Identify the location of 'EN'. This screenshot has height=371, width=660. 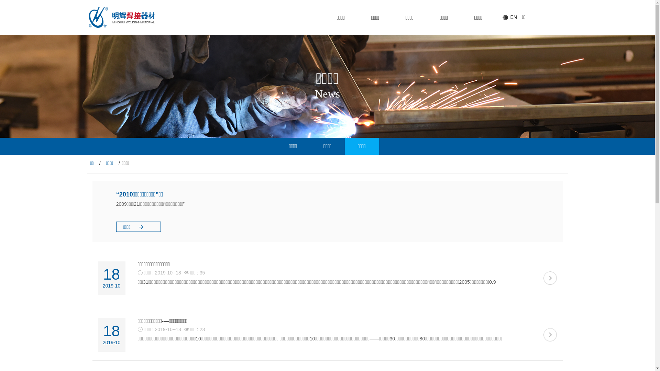
(502, 17).